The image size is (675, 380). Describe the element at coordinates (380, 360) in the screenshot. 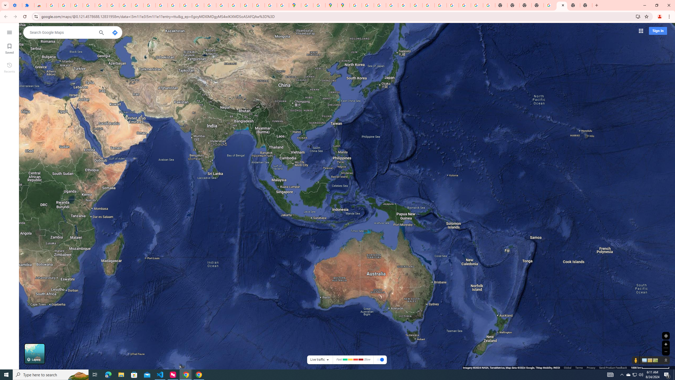

I see `' Show traffic '` at that location.